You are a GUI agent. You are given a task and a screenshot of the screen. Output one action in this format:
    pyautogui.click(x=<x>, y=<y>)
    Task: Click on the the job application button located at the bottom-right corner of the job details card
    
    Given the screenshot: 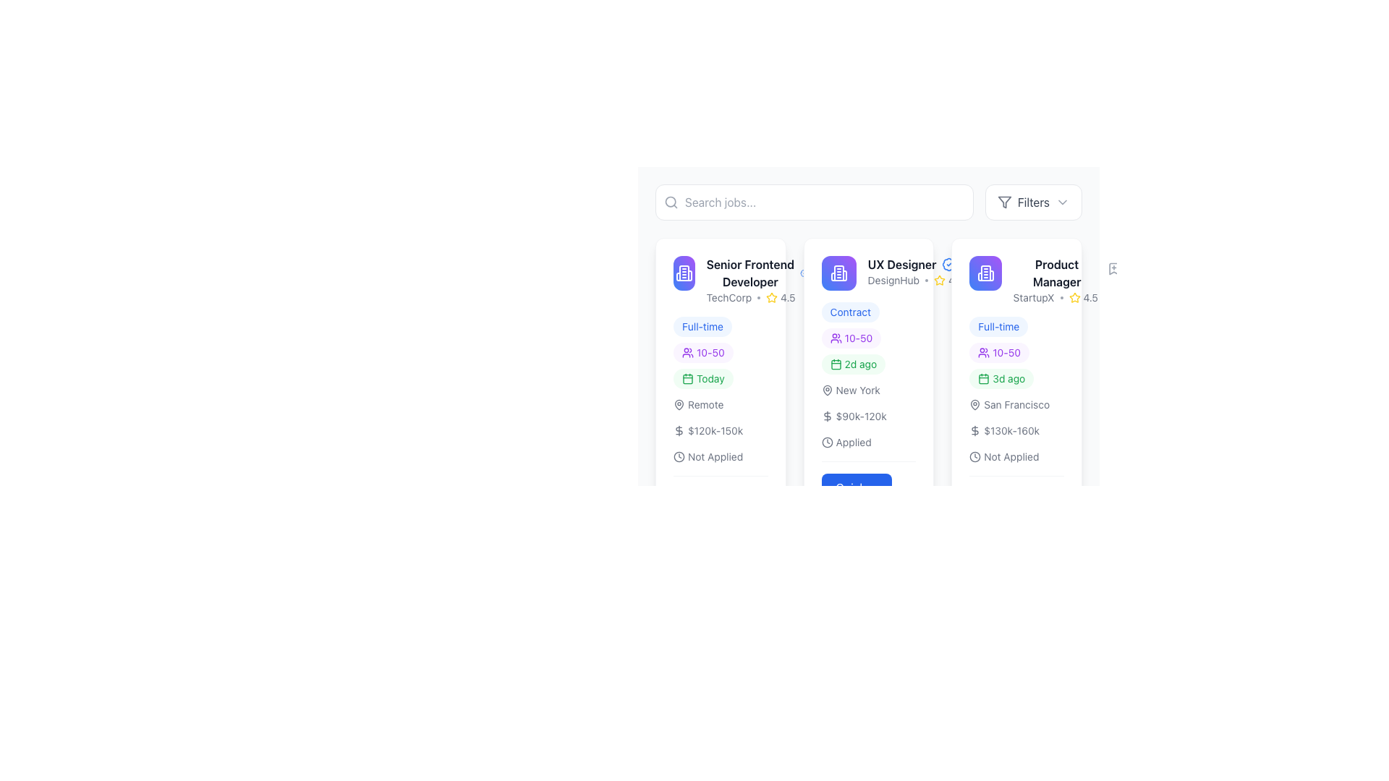 What is the action you would take?
    pyautogui.click(x=868, y=490)
    